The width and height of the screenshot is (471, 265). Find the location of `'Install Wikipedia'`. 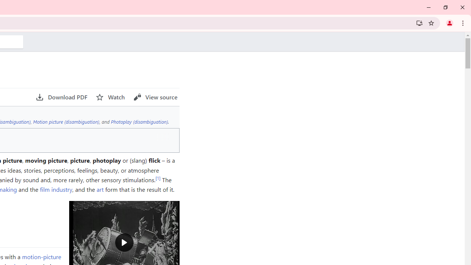

'Install Wikipedia' is located at coordinates (419, 22).